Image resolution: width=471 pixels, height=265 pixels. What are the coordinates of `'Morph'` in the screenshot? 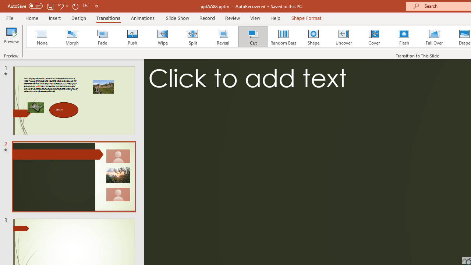 It's located at (72, 37).